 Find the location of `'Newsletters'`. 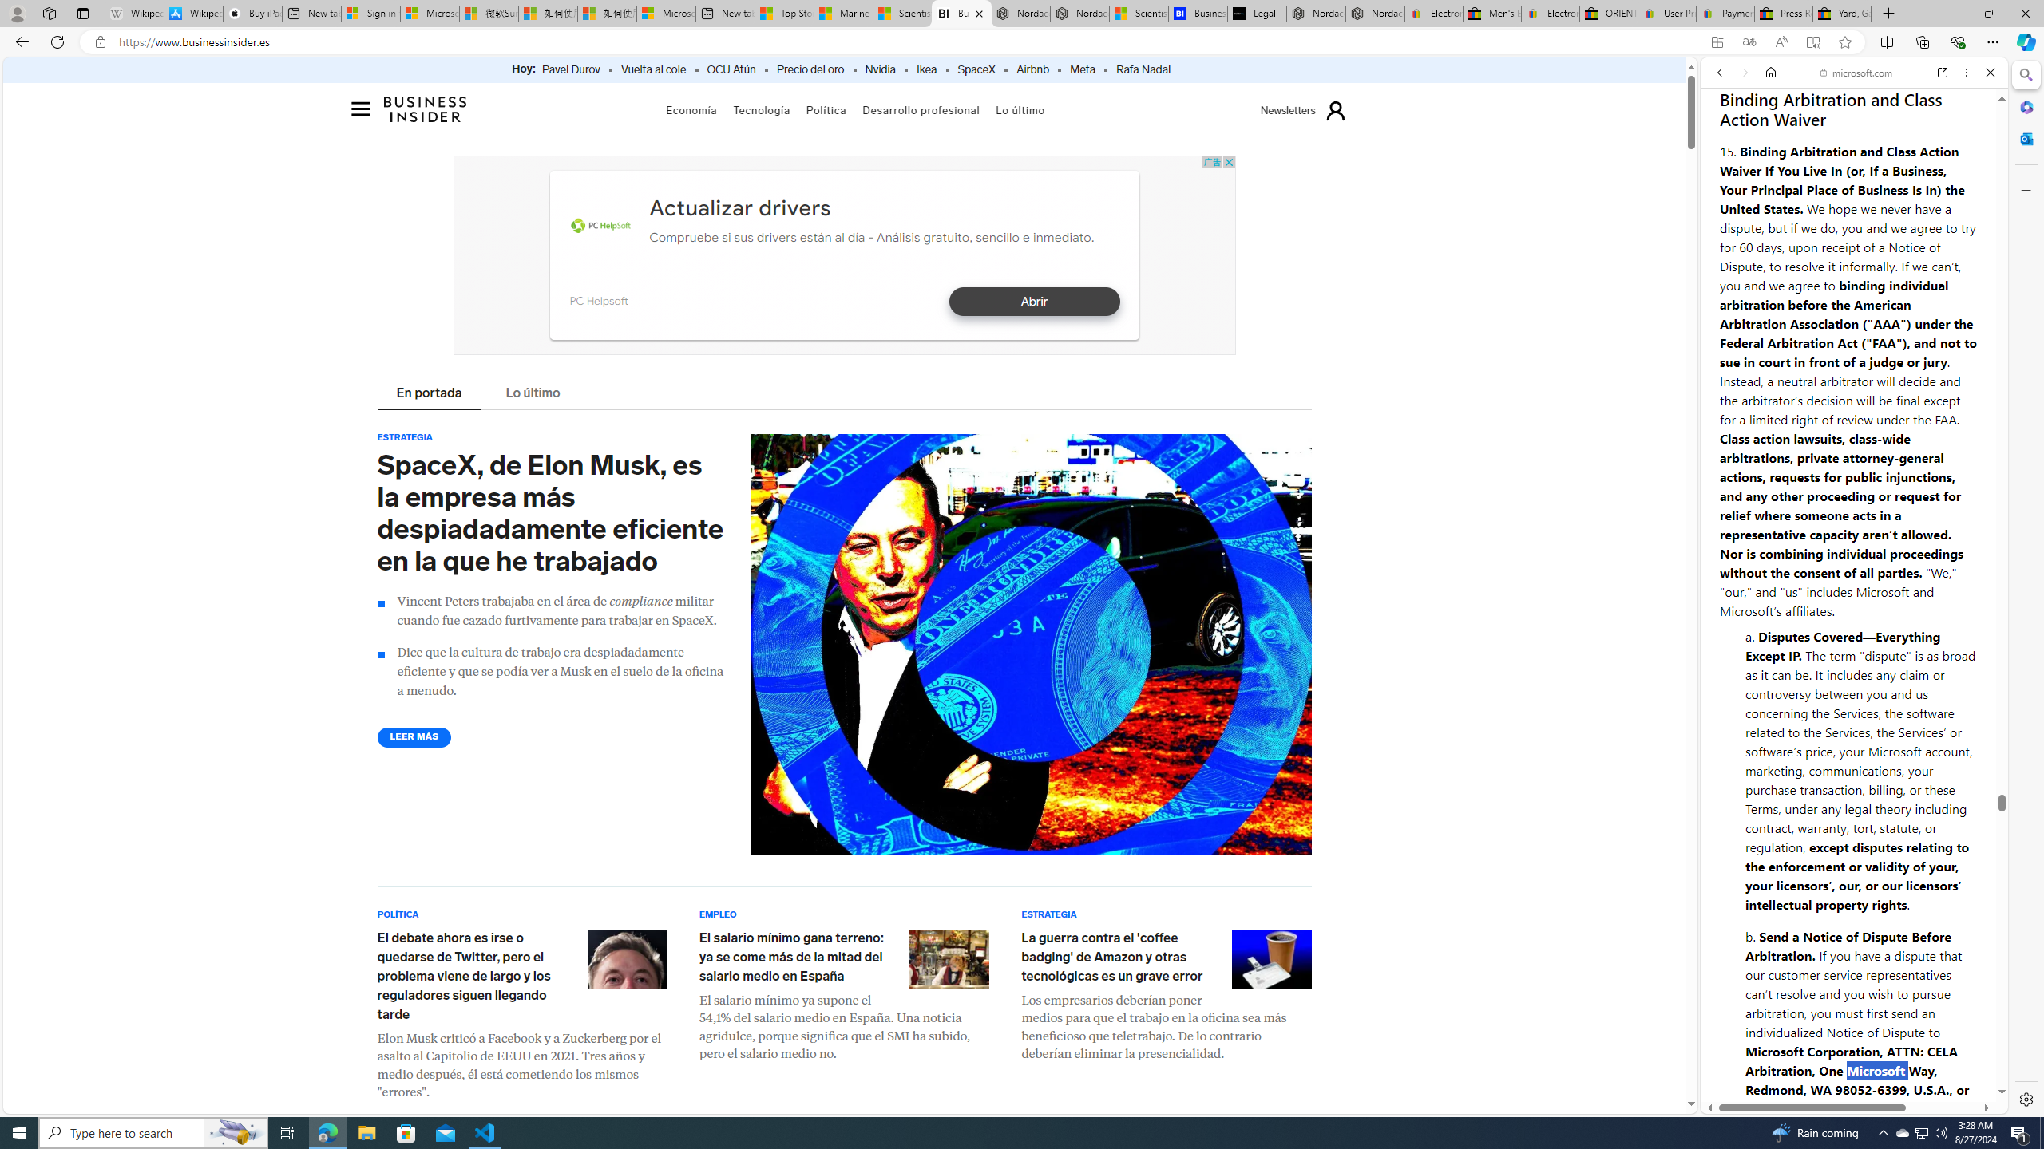

'Newsletters' is located at coordinates (1286, 110).